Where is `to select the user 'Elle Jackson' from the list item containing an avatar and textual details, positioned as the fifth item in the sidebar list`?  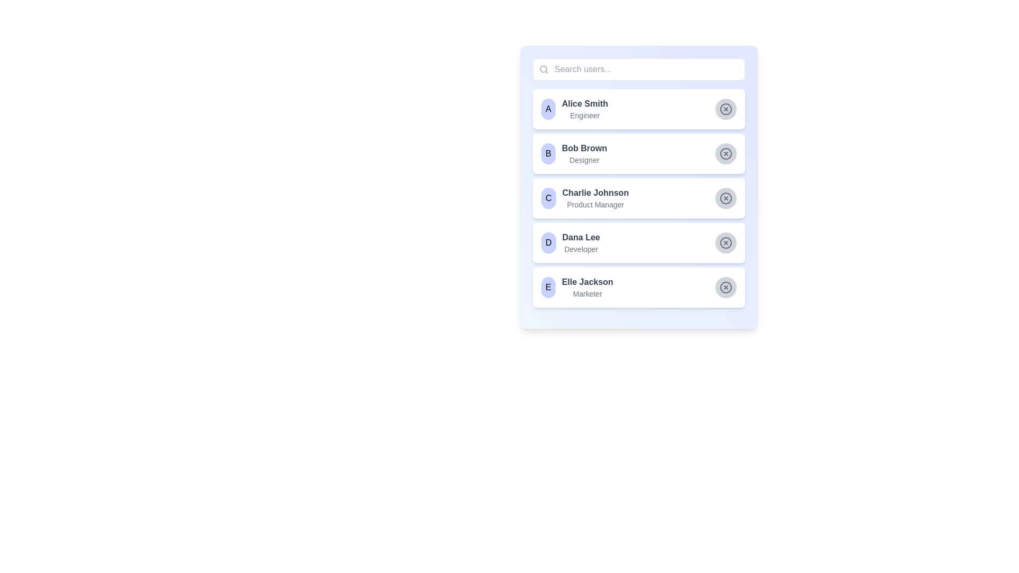 to select the user 'Elle Jackson' from the list item containing an avatar and textual details, positioned as the fifth item in the sidebar list is located at coordinates (576, 288).